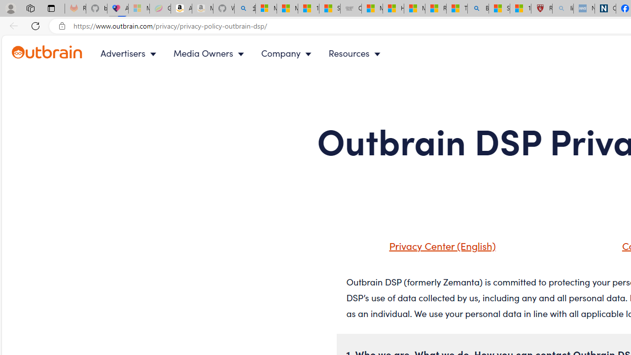 The height and width of the screenshot is (355, 631). I want to click on 'Advertisers', so click(130, 53).